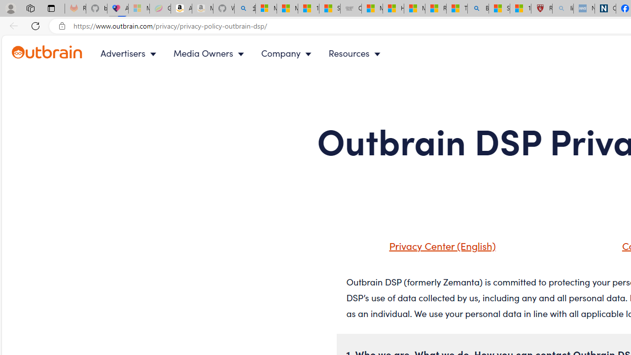 The height and width of the screenshot is (355, 631). I want to click on 'Advertisers', so click(130, 53).